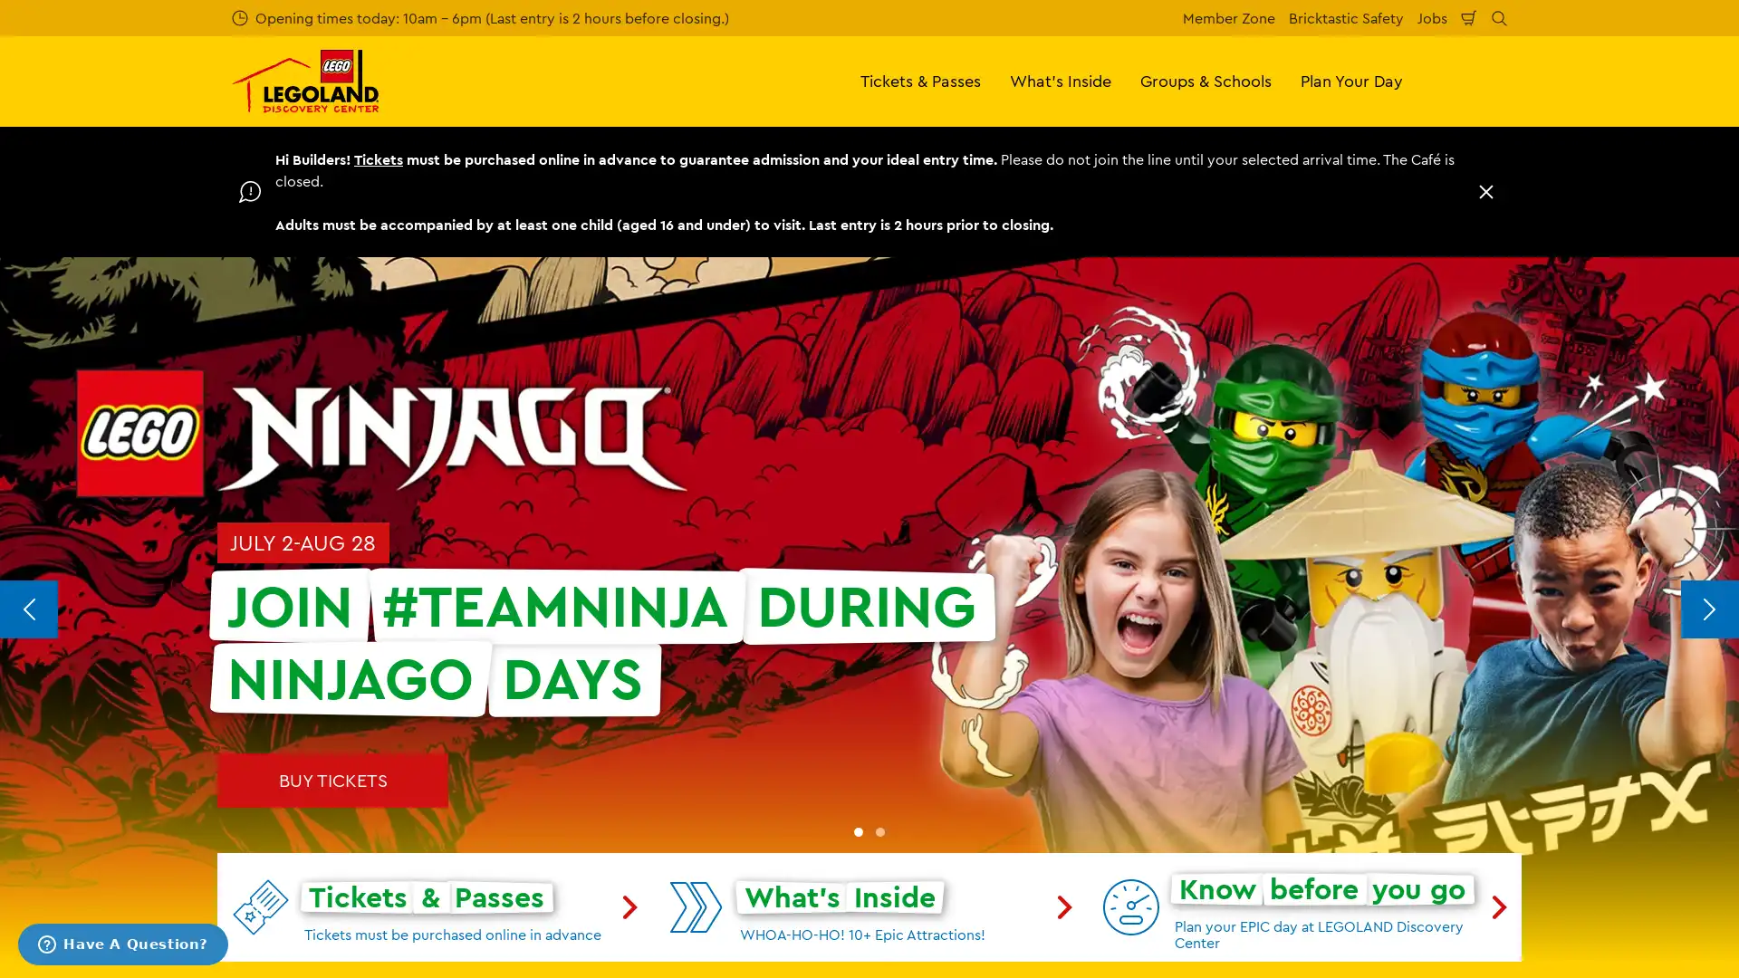  I want to click on What's Inside, so click(1061, 80).